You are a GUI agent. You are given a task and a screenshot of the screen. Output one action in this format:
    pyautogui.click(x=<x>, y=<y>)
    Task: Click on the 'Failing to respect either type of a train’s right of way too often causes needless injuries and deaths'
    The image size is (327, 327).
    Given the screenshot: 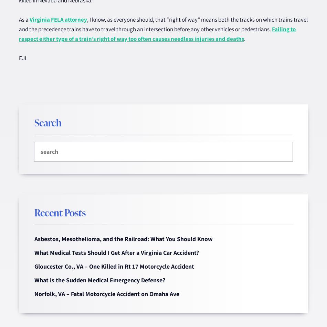 What is the action you would take?
    pyautogui.click(x=157, y=34)
    